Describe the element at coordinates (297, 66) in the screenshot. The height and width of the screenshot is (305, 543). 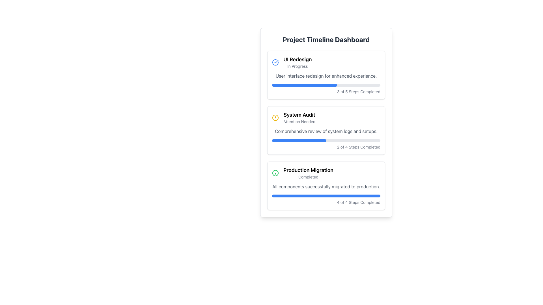
I see `the text label that says 'In Progress', which is styled in a small gray font and positioned directly below the more prominent 'UI Redesign' text in the project tasks dashboard` at that location.